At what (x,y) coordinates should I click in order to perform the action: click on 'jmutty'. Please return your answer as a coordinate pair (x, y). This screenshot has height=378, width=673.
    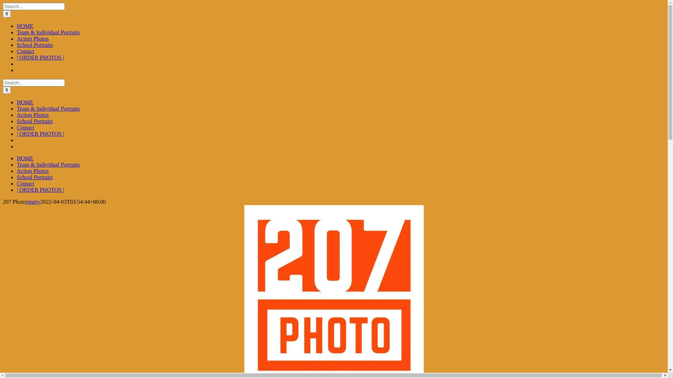
    Looking at the image, I should click on (33, 202).